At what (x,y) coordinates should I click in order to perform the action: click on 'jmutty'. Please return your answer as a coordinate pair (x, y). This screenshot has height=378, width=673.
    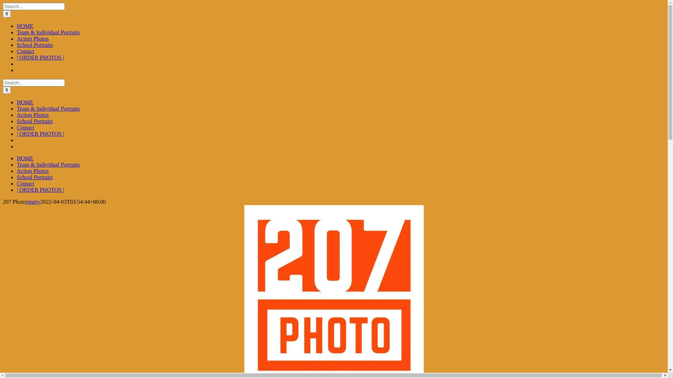
    Looking at the image, I should click on (33, 202).